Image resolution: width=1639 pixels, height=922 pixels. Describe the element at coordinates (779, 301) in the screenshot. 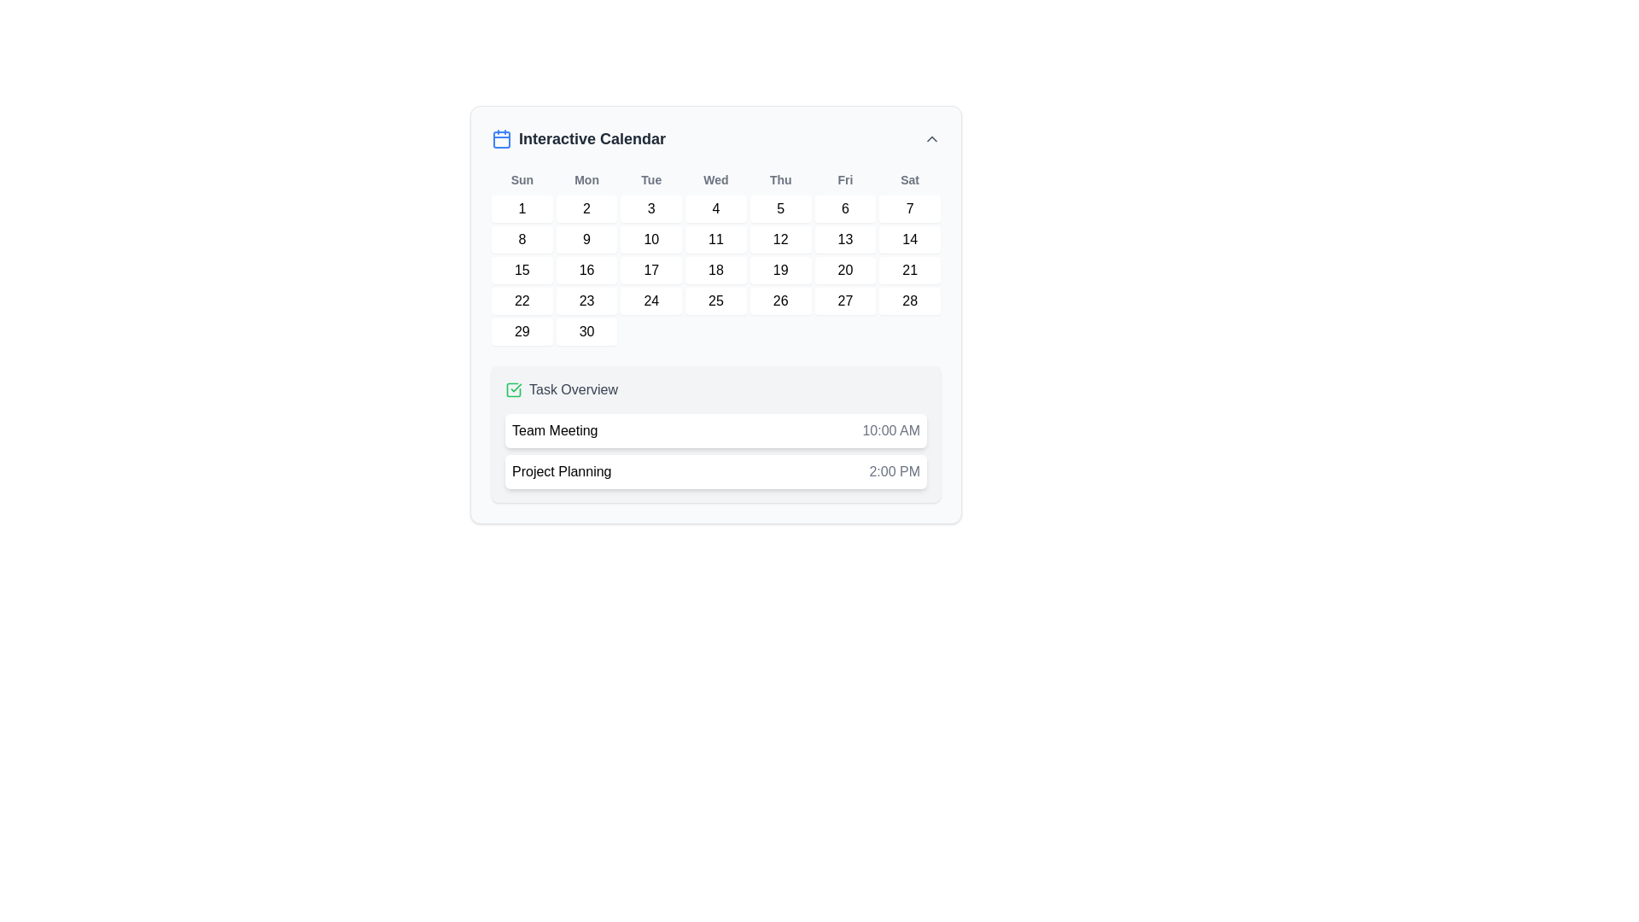

I see `the small rectangular button with a white background and the text '26' in black` at that location.